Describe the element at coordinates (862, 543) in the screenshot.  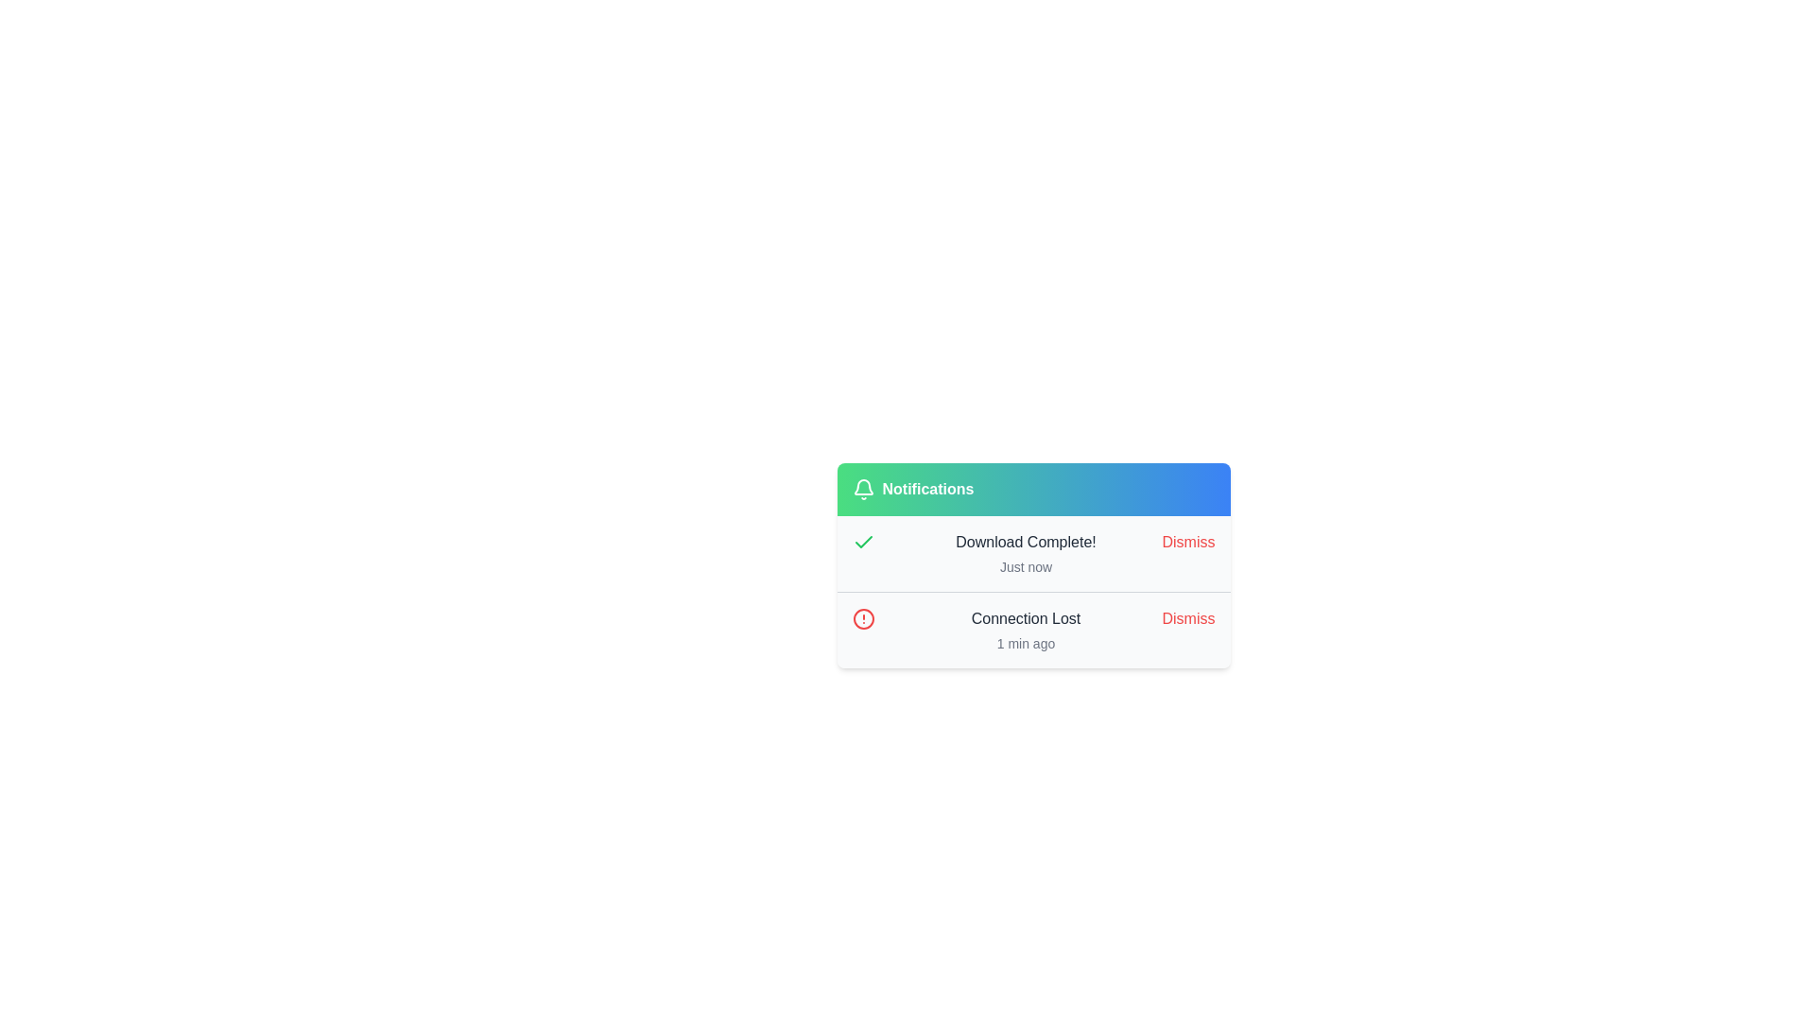
I see `the leftmost icon of the notification entry that symbolizes successful completion, which accompanies the 'Download Complete!' message` at that location.